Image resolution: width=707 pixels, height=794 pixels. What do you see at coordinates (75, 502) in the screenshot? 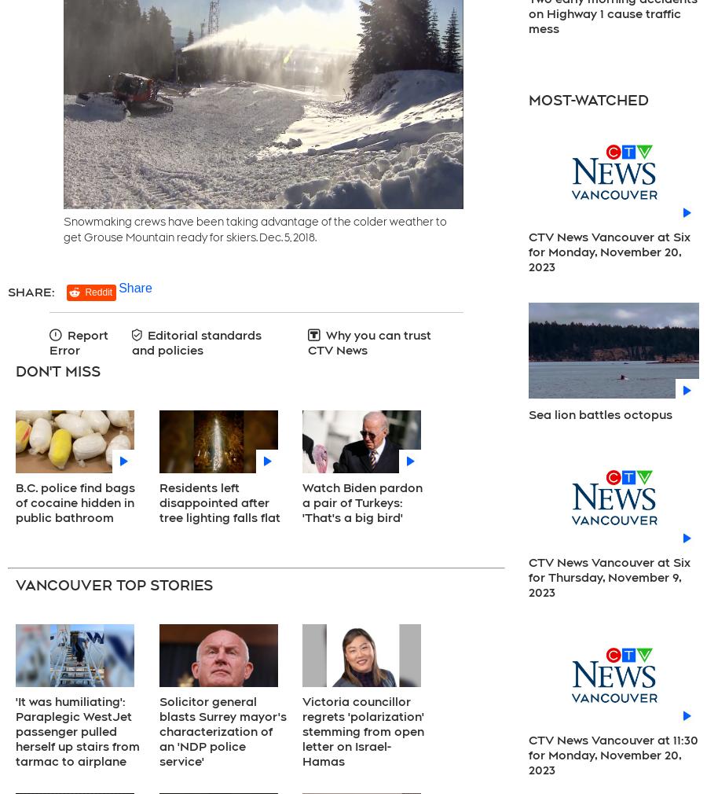
I see `'B.C. police find bags of cocaine hidden in public bathroom'` at bounding box center [75, 502].